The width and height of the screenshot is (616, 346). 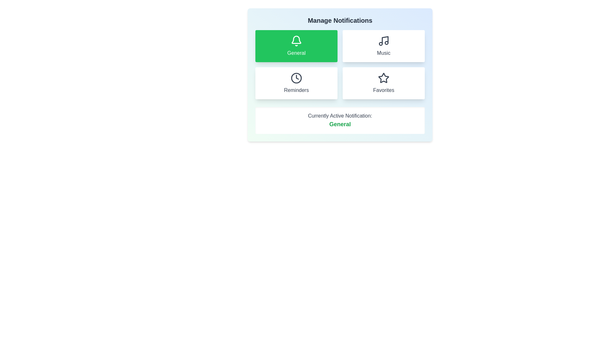 What do you see at coordinates (296, 45) in the screenshot?
I see `the notification category General` at bounding box center [296, 45].